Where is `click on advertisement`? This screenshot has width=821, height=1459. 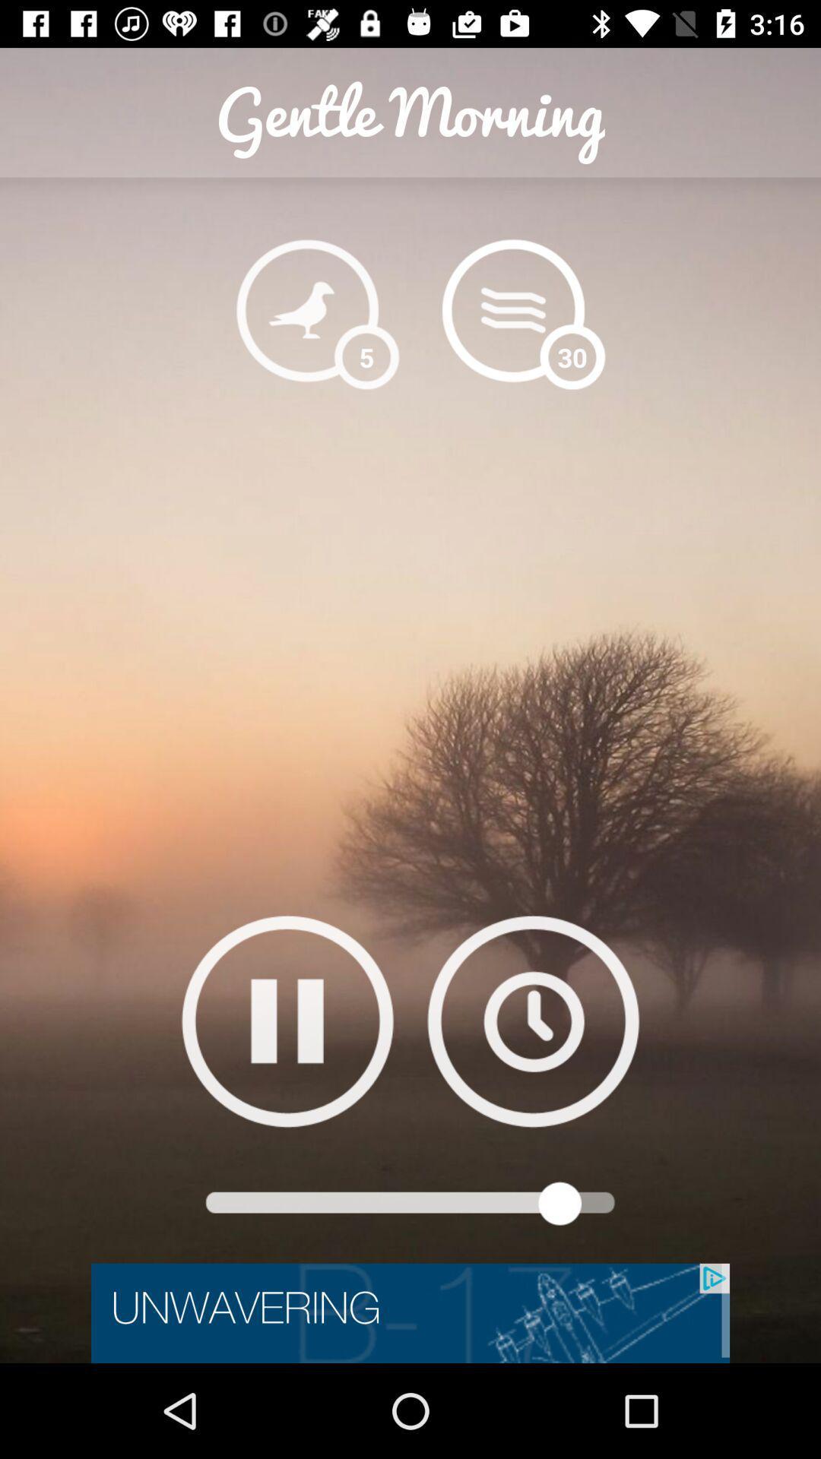 click on advertisement is located at coordinates (410, 1312).